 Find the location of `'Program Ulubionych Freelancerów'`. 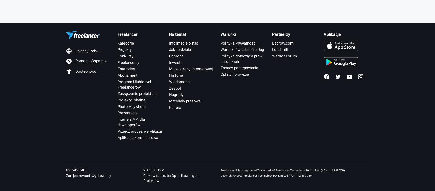

'Program Ulubionych Freelancerów' is located at coordinates (135, 84).